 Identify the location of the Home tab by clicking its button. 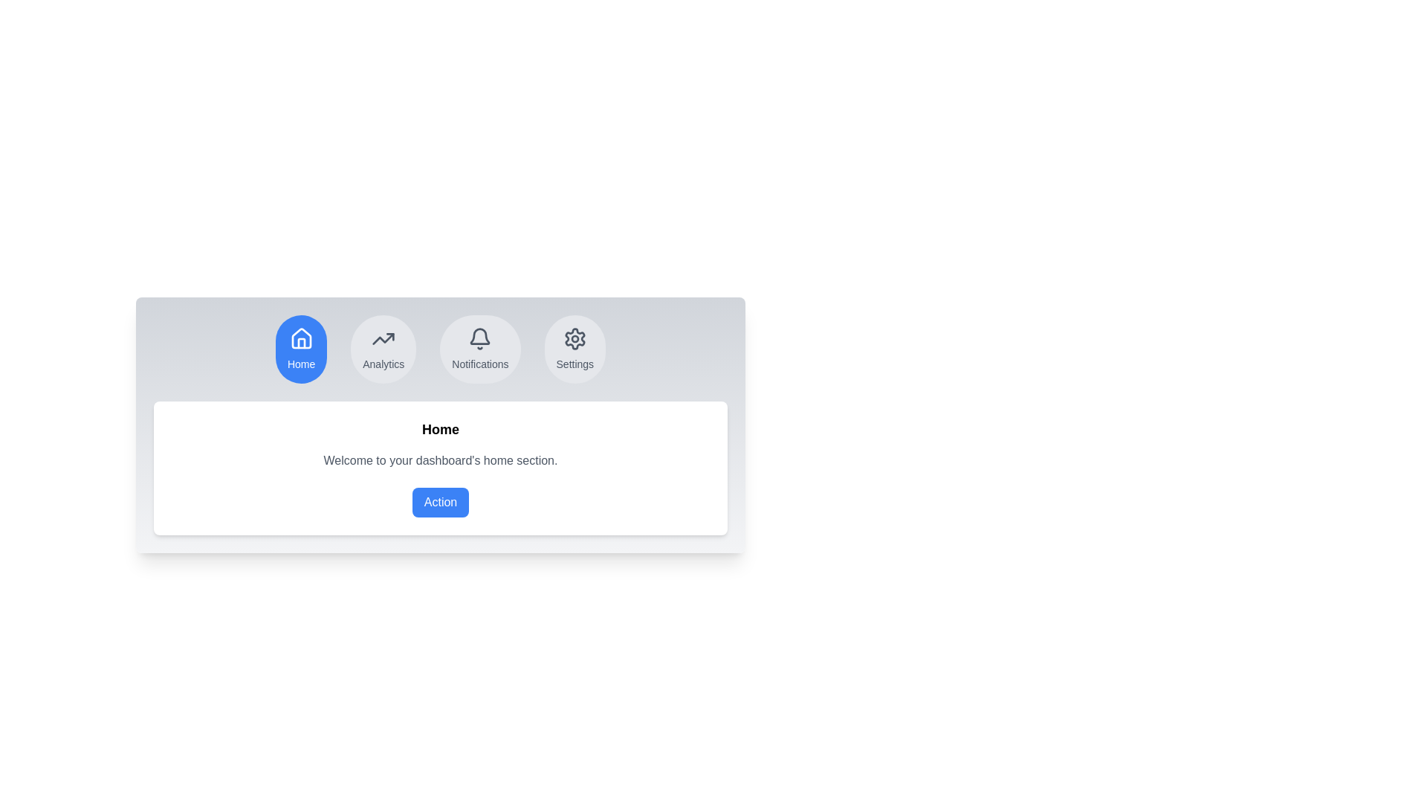
(300, 349).